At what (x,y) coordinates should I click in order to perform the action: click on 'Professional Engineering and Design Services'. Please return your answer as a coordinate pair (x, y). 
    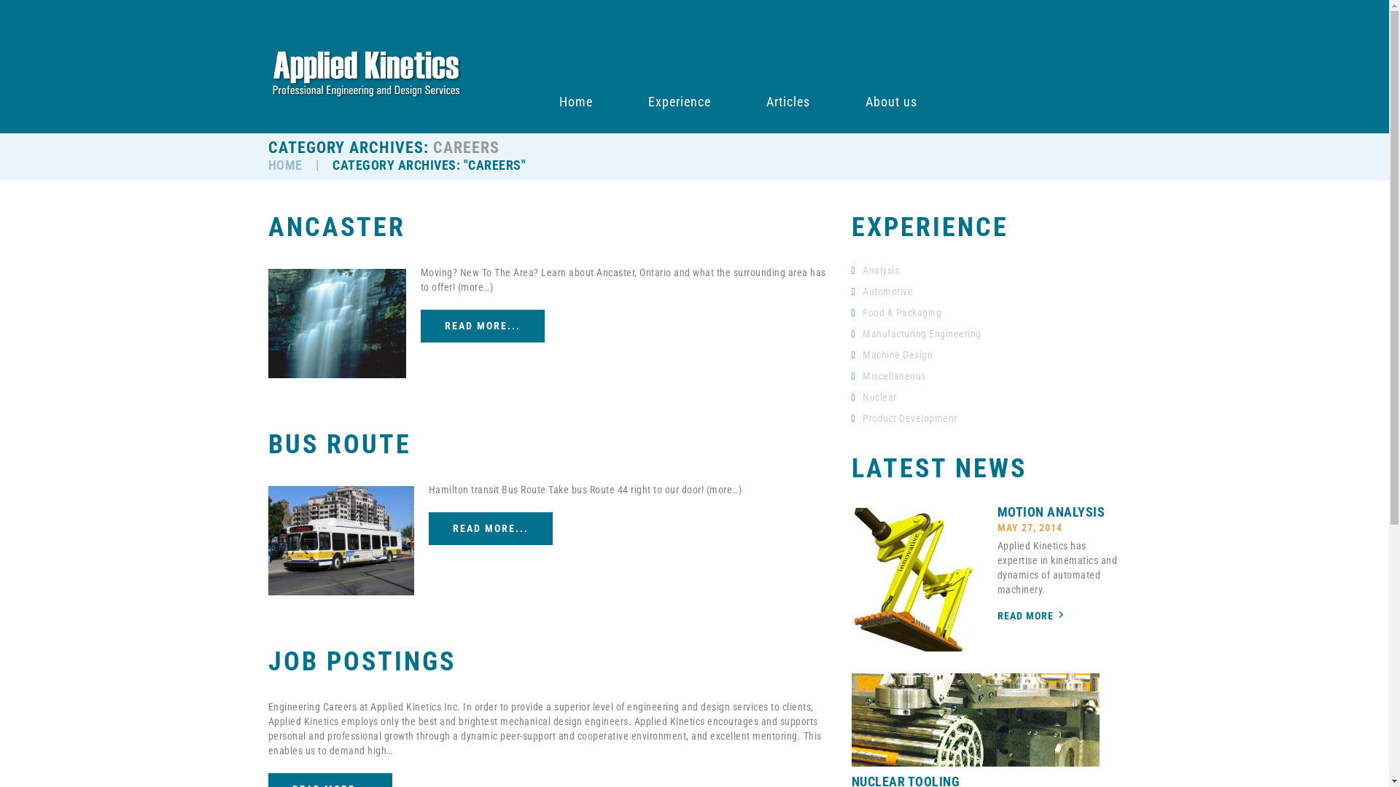
    Looking at the image, I should click on (367, 74).